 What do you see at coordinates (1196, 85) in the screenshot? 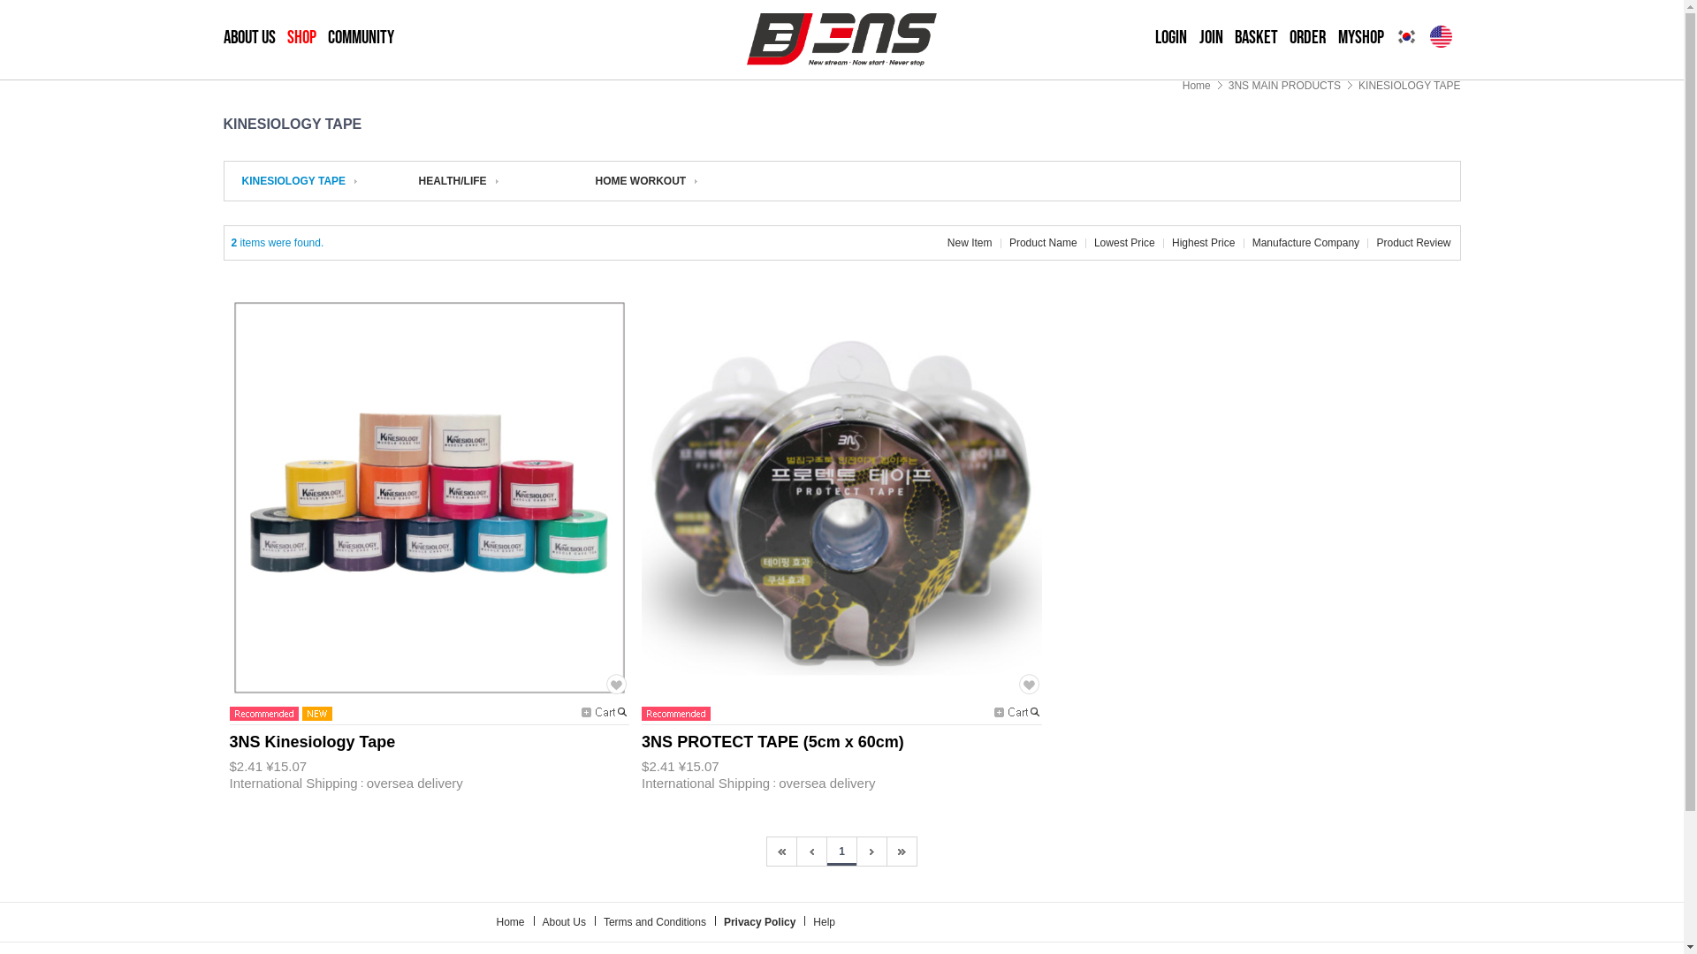
I see `'Home'` at bounding box center [1196, 85].